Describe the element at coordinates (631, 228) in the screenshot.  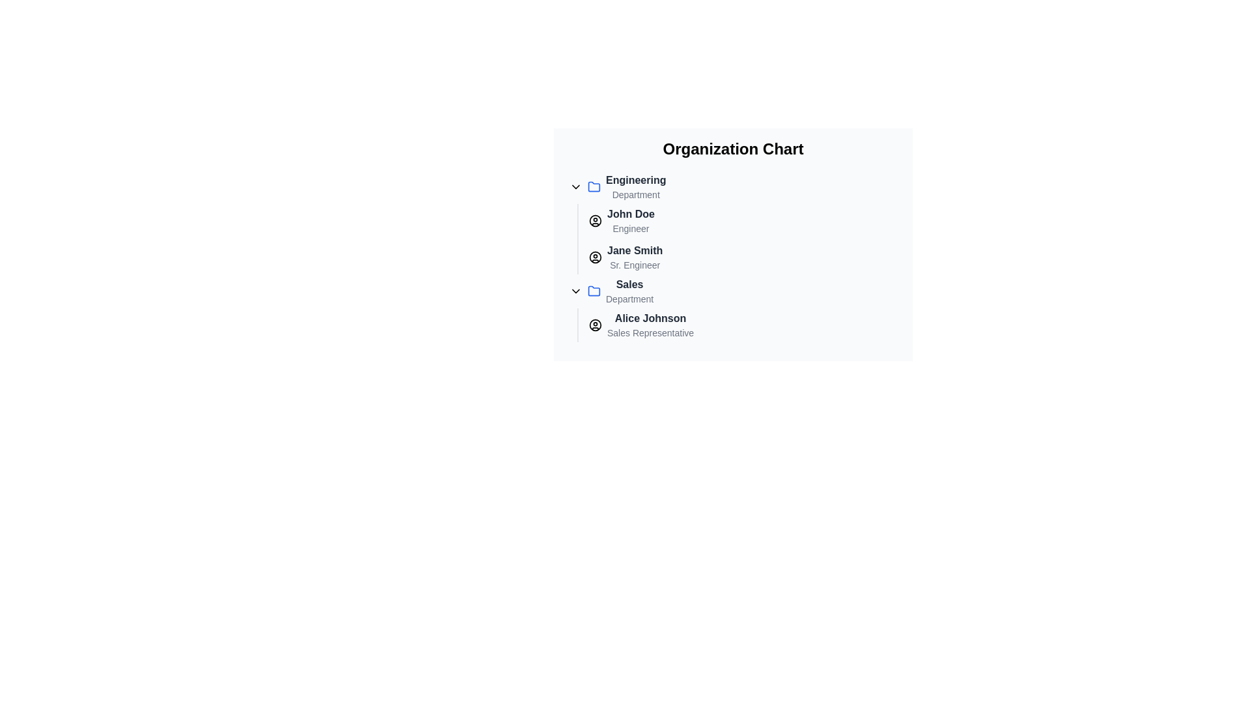
I see `the 'Engineer' label indicating the job title associated with 'John Doe' in the organizational chart` at that location.